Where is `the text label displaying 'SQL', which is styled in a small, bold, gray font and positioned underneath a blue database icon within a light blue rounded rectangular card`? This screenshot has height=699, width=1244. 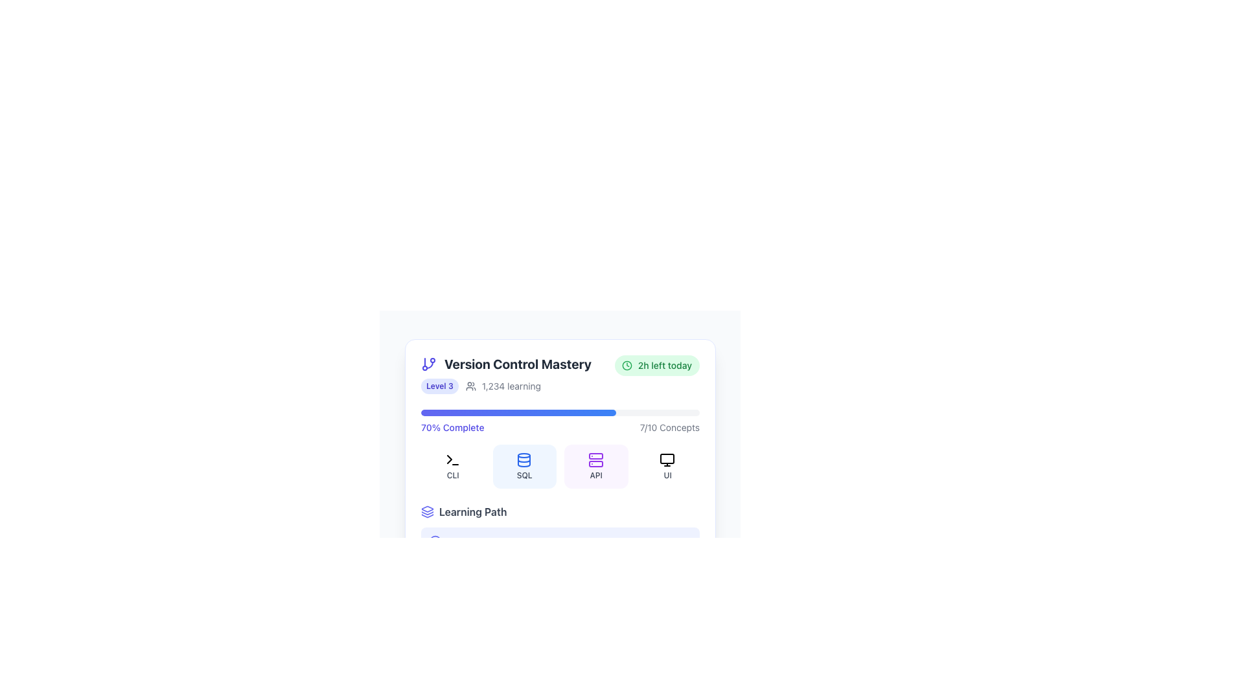 the text label displaying 'SQL', which is styled in a small, bold, gray font and positioned underneath a blue database icon within a light blue rounded rectangular card is located at coordinates (524, 476).